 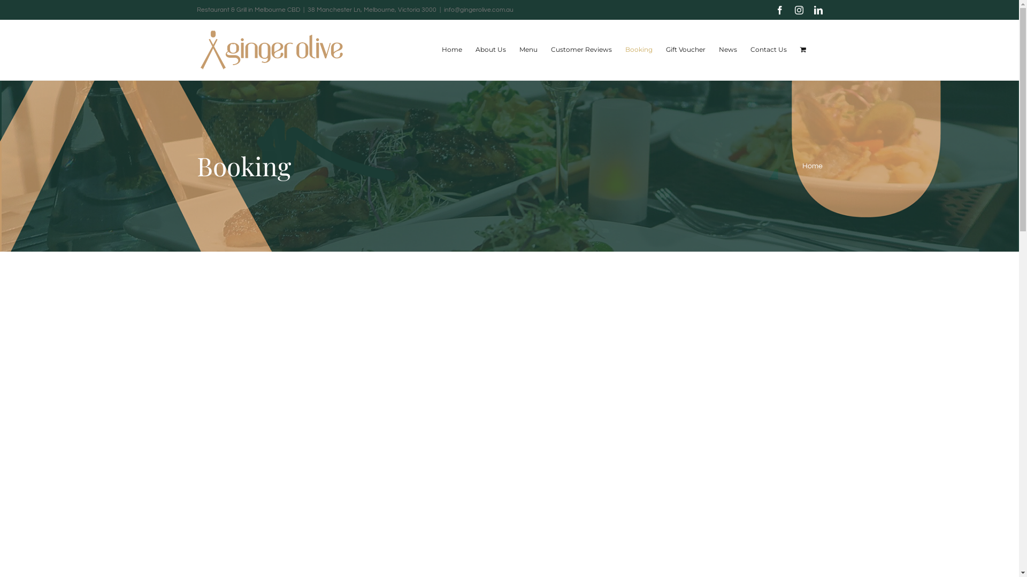 I want to click on 'info@gingerolive.com.au', so click(x=444, y=10).